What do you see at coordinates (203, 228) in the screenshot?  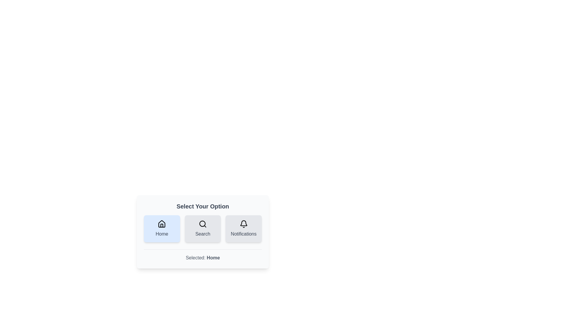 I see `the Search button to select it` at bounding box center [203, 228].